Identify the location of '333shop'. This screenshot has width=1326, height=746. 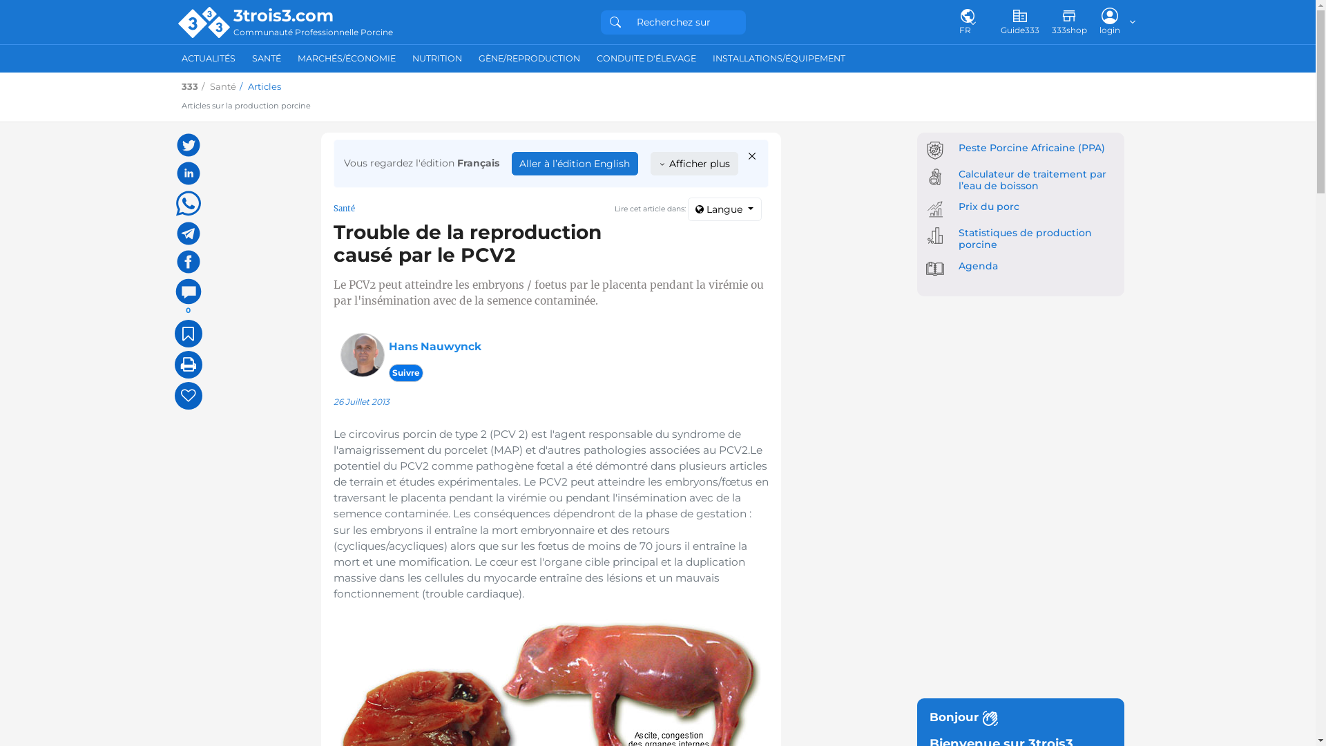
(1068, 21).